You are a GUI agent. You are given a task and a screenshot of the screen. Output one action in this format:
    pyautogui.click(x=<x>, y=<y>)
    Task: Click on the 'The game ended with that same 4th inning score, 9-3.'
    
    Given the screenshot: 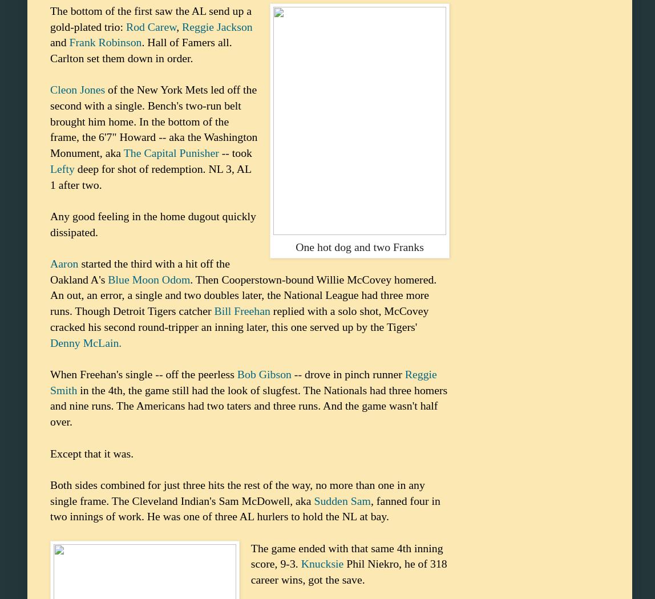 What is the action you would take?
    pyautogui.click(x=346, y=555)
    